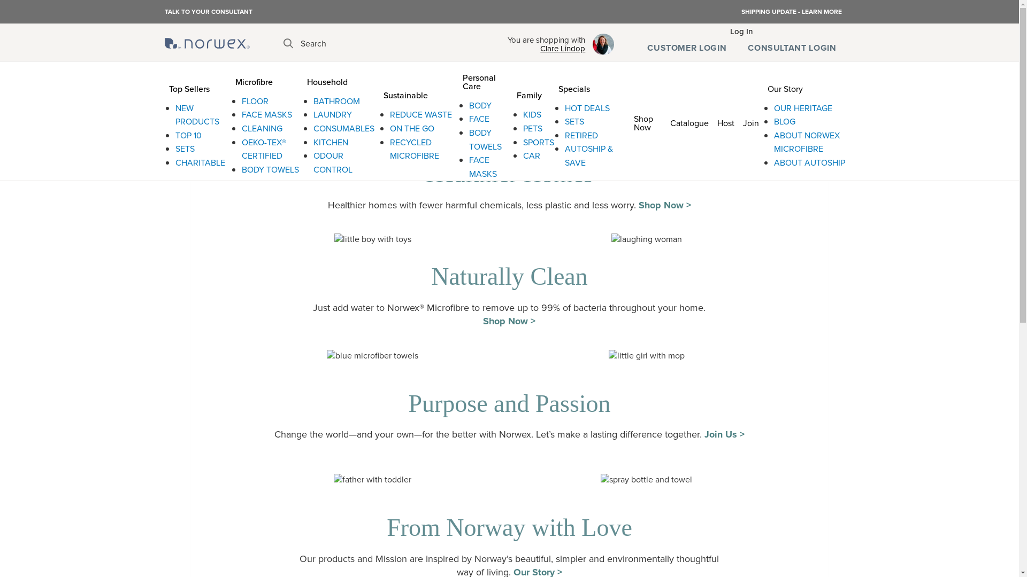 Image resolution: width=1027 pixels, height=577 pixels. Describe the element at coordinates (724, 434) in the screenshot. I see `'Join Us >'` at that location.